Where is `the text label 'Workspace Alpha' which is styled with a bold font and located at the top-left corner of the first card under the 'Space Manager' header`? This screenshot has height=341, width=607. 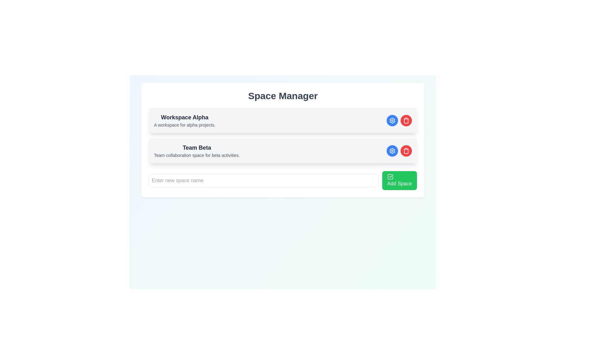
the text label 'Workspace Alpha' which is styled with a bold font and located at the top-left corner of the first card under the 'Space Manager' header is located at coordinates (184, 117).